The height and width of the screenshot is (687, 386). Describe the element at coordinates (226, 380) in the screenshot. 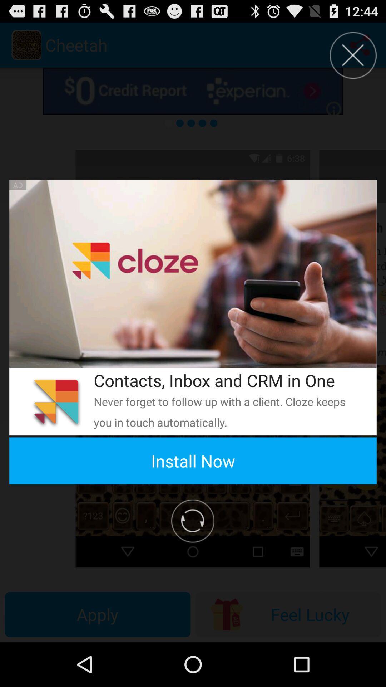

I see `the app above the never forget to icon` at that location.